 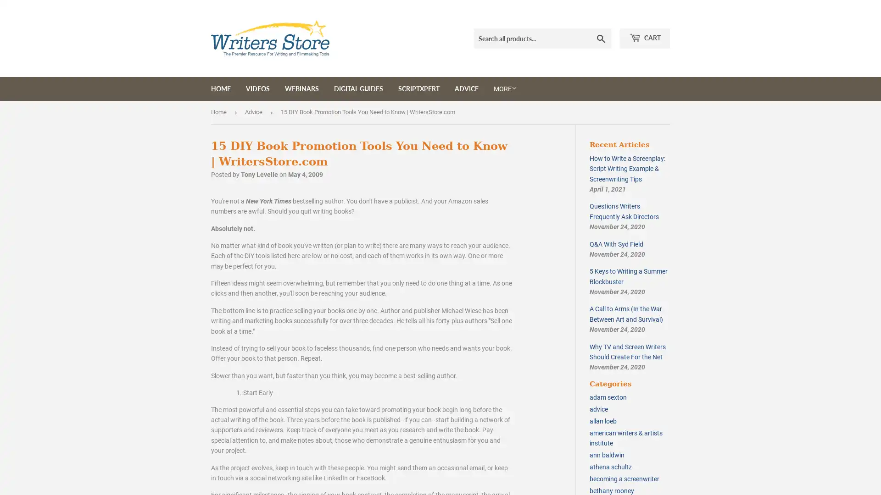 What do you see at coordinates (601, 38) in the screenshot?
I see `Search` at bounding box center [601, 38].